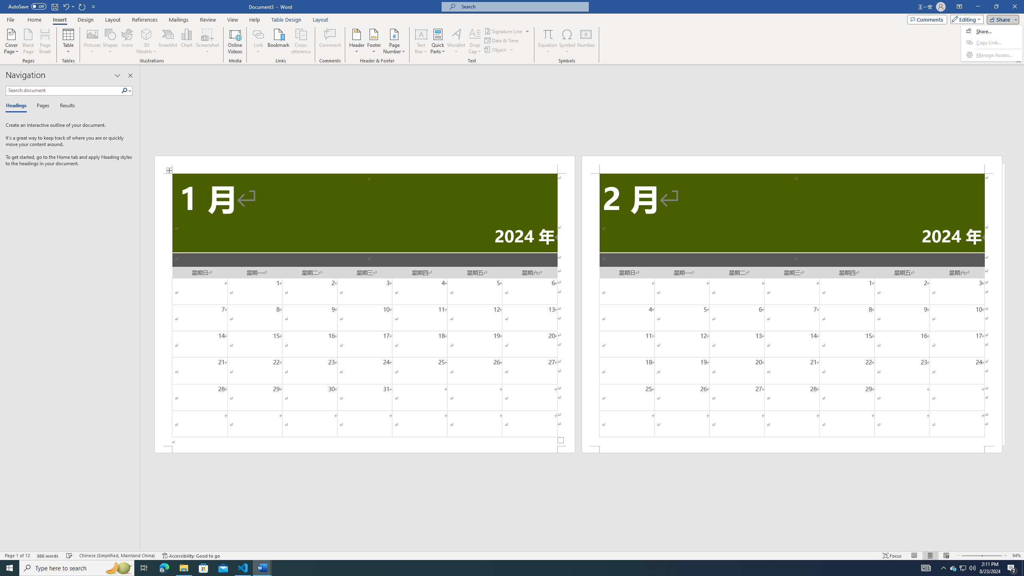 This screenshot has width=1024, height=576. I want to click on 'Online Videos...', so click(235, 41).